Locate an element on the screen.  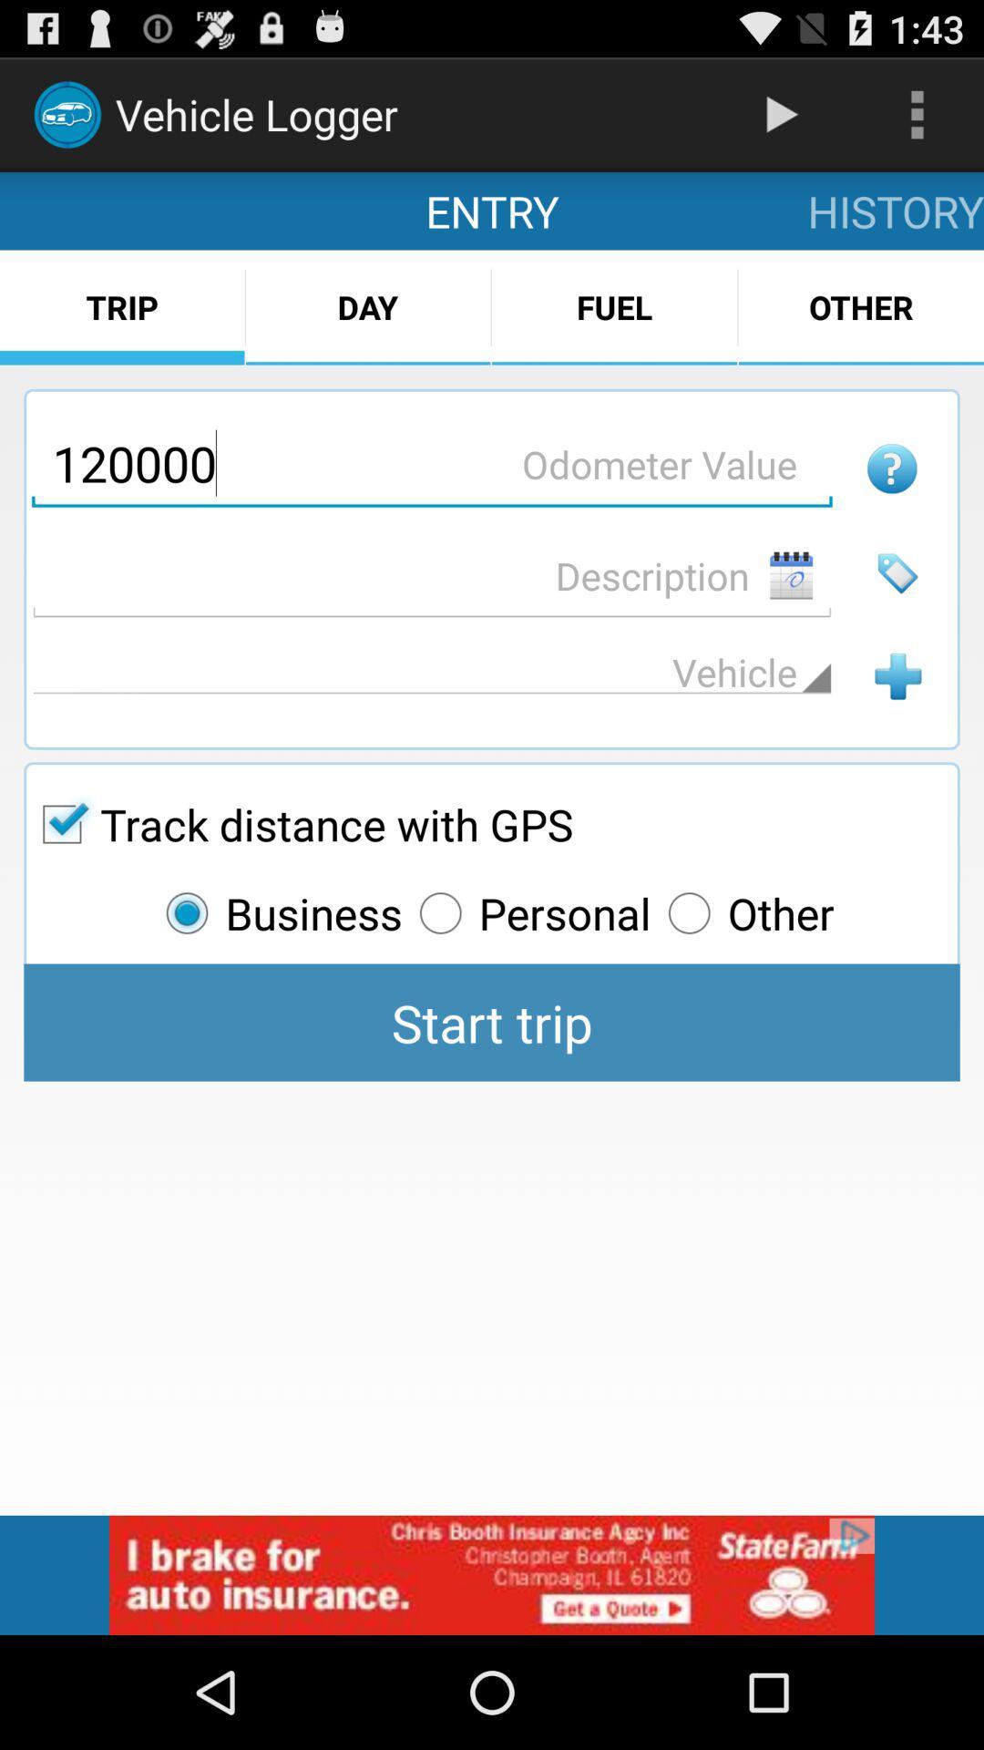
insurance advertisement is located at coordinates (492, 1574).